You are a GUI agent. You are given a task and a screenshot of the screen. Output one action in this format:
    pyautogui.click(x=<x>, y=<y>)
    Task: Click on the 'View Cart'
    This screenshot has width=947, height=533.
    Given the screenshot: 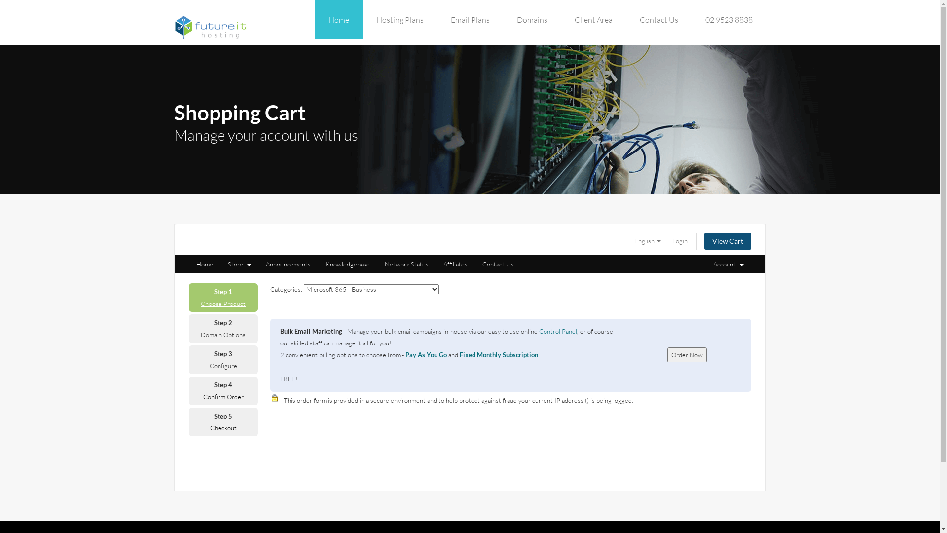 What is the action you would take?
    pyautogui.click(x=728, y=241)
    